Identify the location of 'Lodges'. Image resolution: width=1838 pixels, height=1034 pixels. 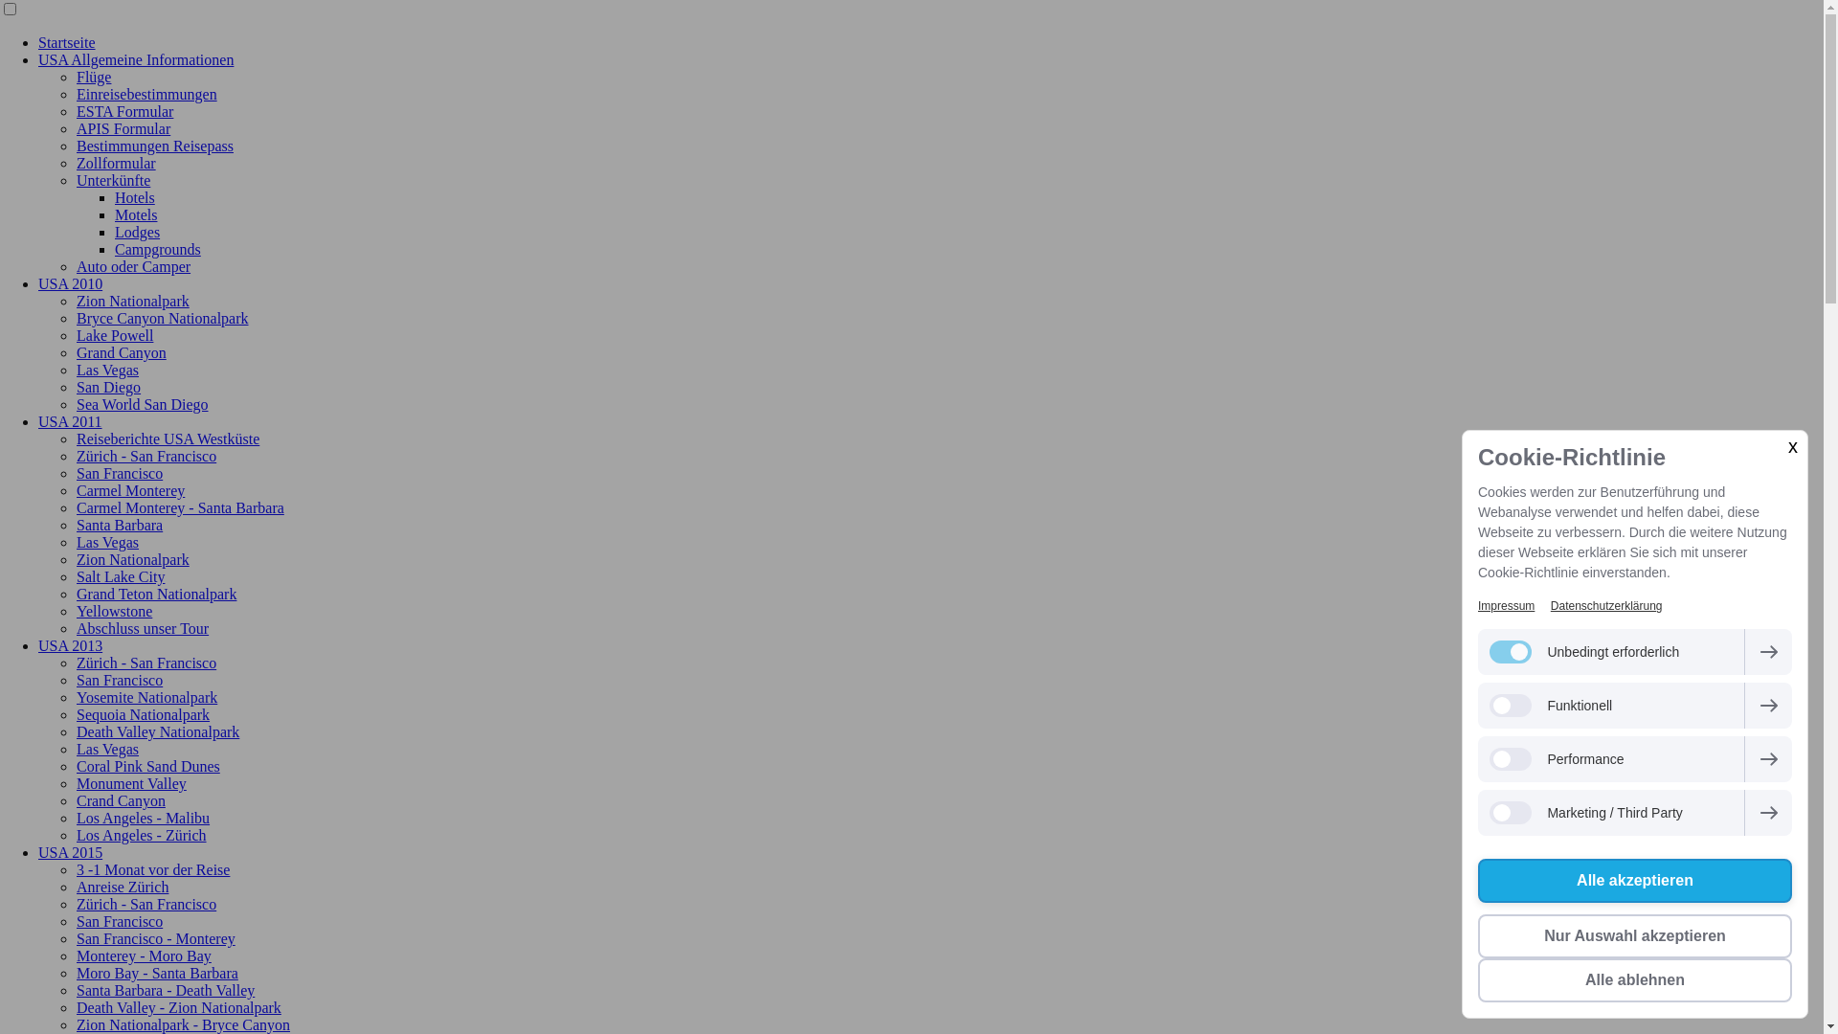
(136, 231).